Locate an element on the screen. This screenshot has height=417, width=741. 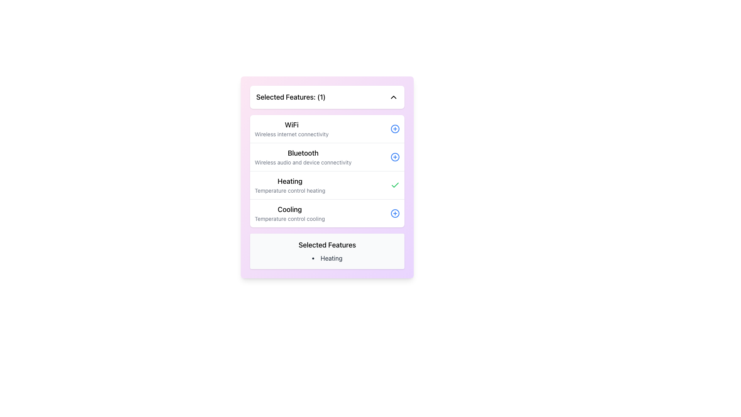
the static text label indicating the 'WiFi' feature, which is positioned at the top of the list of selectable features is located at coordinates (291, 125).